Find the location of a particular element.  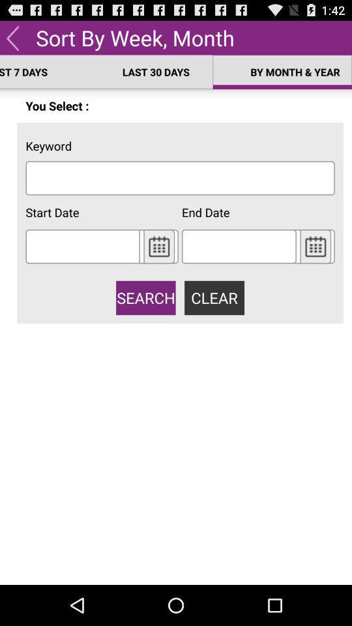

app next to sort by week app is located at coordinates (12, 37).